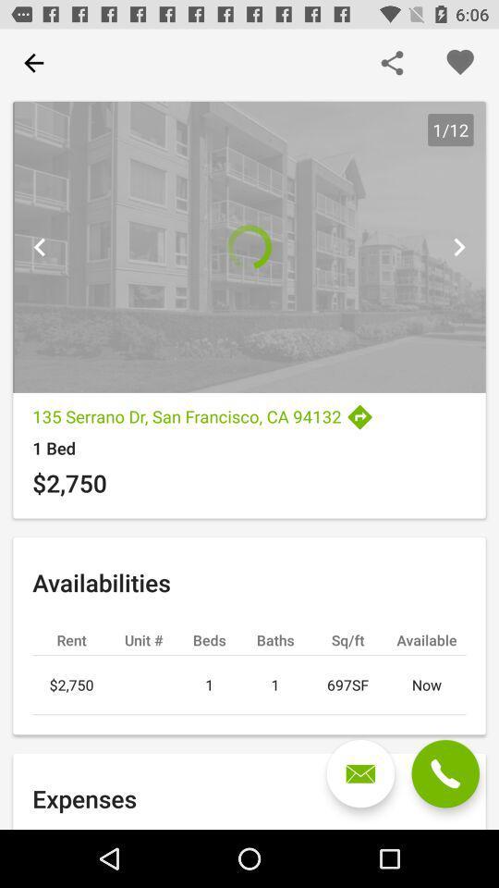 The height and width of the screenshot is (888, 499). Describe the element at coordinates (444, 773) in the screenshot. I see `the call icon` at that location.